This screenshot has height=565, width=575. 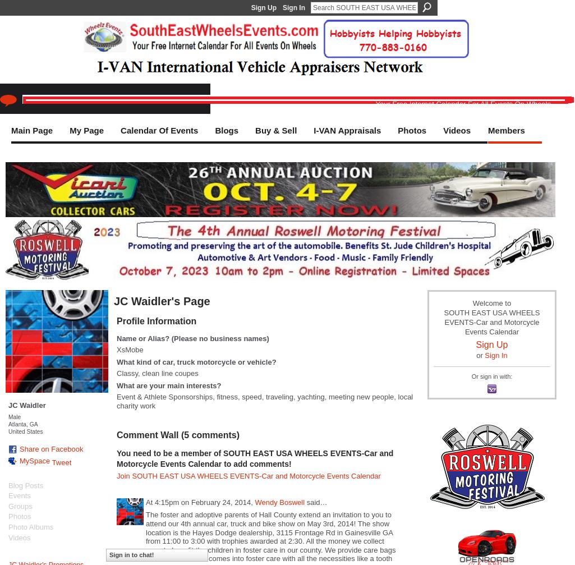 What do you see at coordinates (162, 300) in the screenshot?
I see `'JC Waidler's Page'` at bounding box center [162, 300].